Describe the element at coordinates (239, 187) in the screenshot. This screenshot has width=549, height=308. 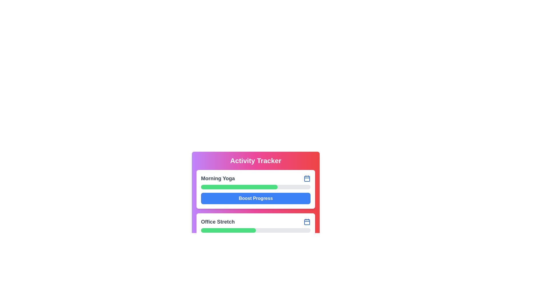
I see `the Progress Indicator representing 70% completion of the 'Morning Yoga' activity, located within the 'Activity Tracker' card` at that location.